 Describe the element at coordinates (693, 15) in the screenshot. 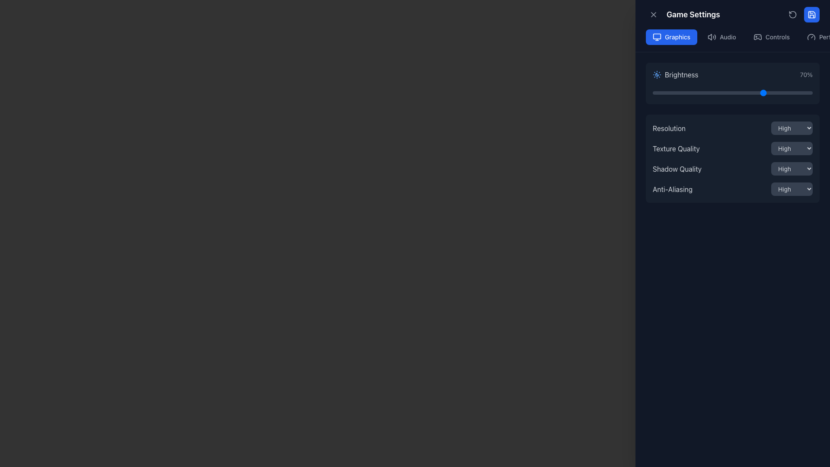

I see `the 'Game Settings' text label, which is a prominently displayed title in bold, large white font located at the top of the interface` at that location.